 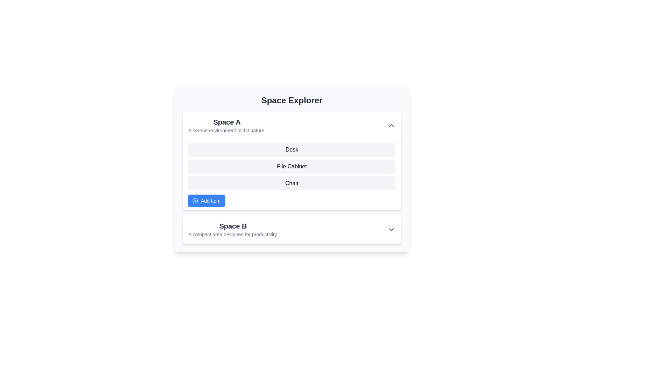 I want to click on the toggle icon button located on the right side of the 'Space A' section to collapse its contents, so click(x=391, y=125).